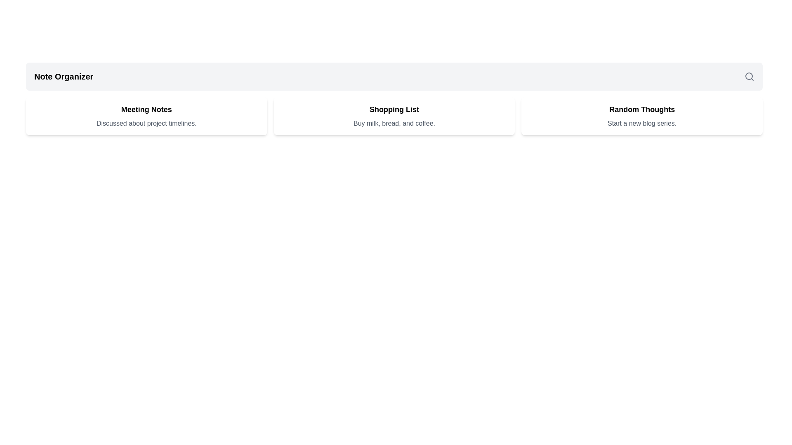 Image resolution: width=792 pixels, height=445 pixels. I want to click on the circular part of the magnifying glass icon located at the top-right corner of the interface, so click(749, 76).